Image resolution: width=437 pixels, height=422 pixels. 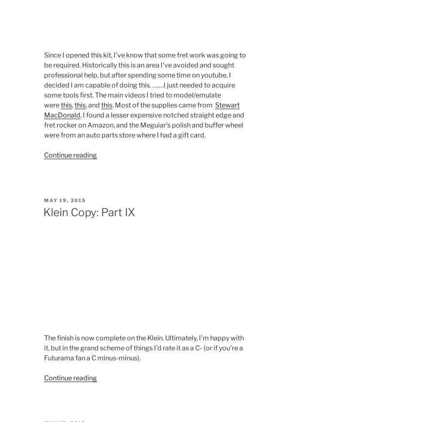 What do you see at coordinates (144, 80) in the screenshot?
I see `'Since I opened this kit, I’ve know that some fret work was going to be required. Historically this is an area I’ve avoided and sought professional help, but after spending some time on youtube, I decided I am capable of doing this. …….I just needed to acquire some tools first. The main videos I tried to model/emulate were'` at bounding box center [144, 80].